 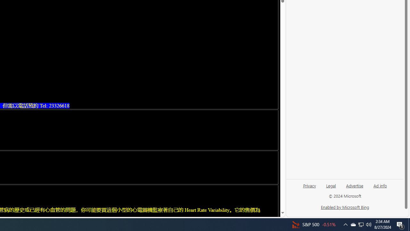 What do you see at coordinates (354, 185) in the screenshot?
I see `'Advertise'` at bounding box center [354, 185].